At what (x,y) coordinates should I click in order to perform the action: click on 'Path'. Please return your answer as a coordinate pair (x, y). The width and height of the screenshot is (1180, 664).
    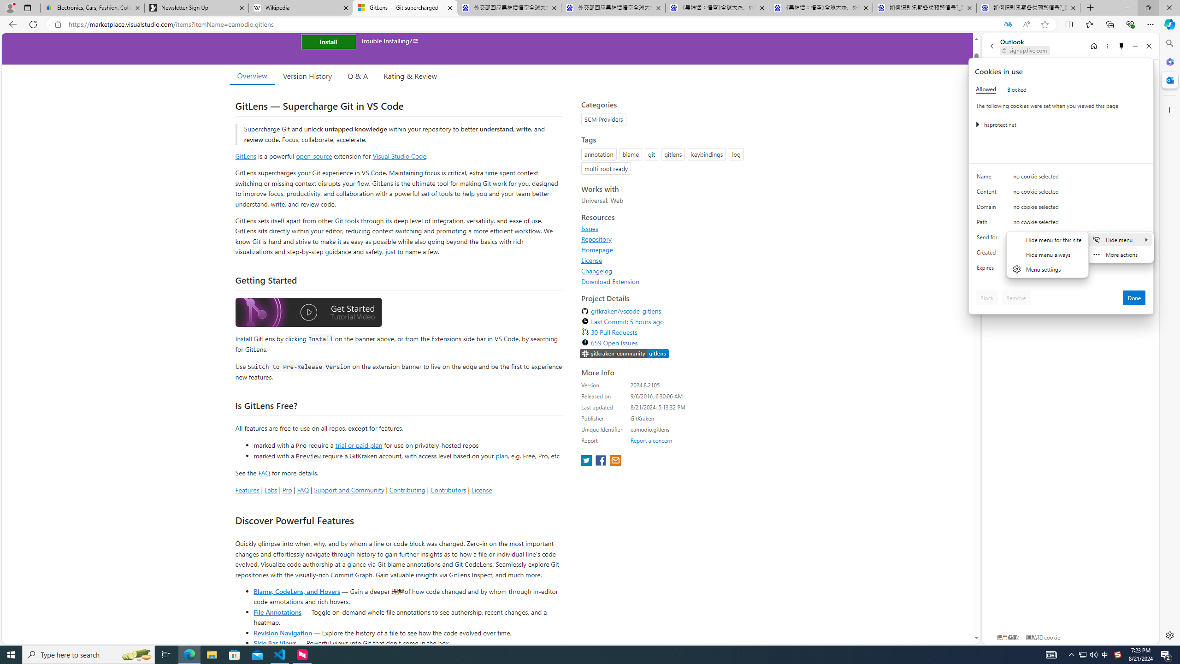
    Looking at the image, I should click on (988, 224).